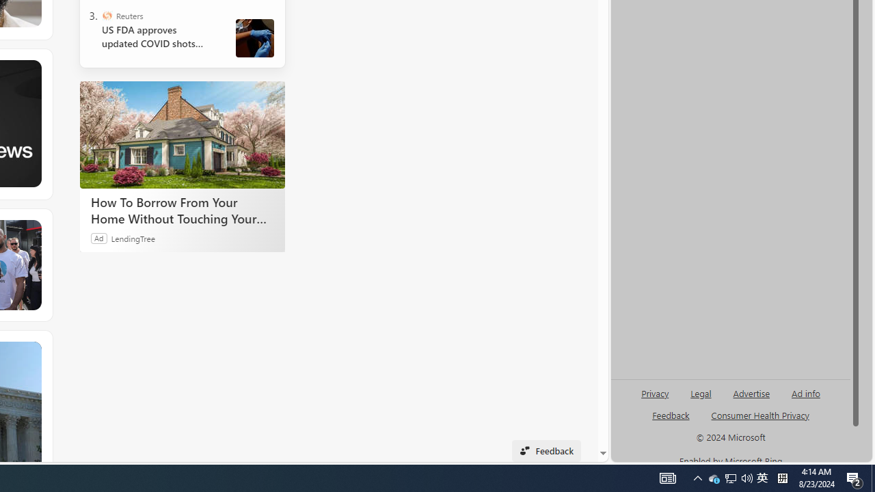  I want to click on 'US FDA approves updated COVID shots ahead of fall and winter', so click(158, 36).